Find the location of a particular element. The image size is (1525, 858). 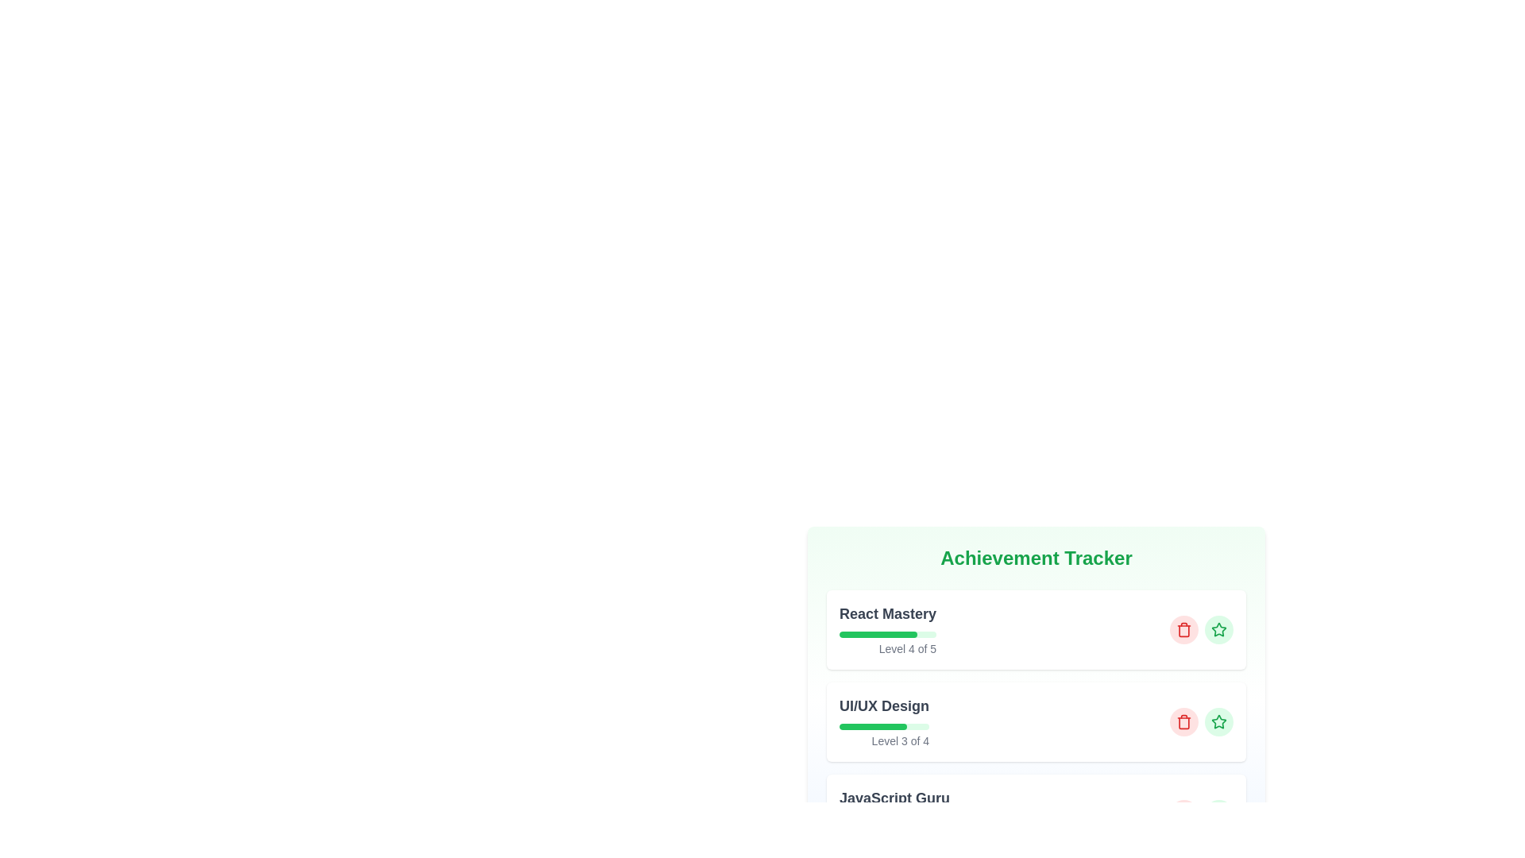

the completion status of the green progress bar indicating 75% completion, located beneath the 'UI/UX Design' label is located at coordinates (872, 726).